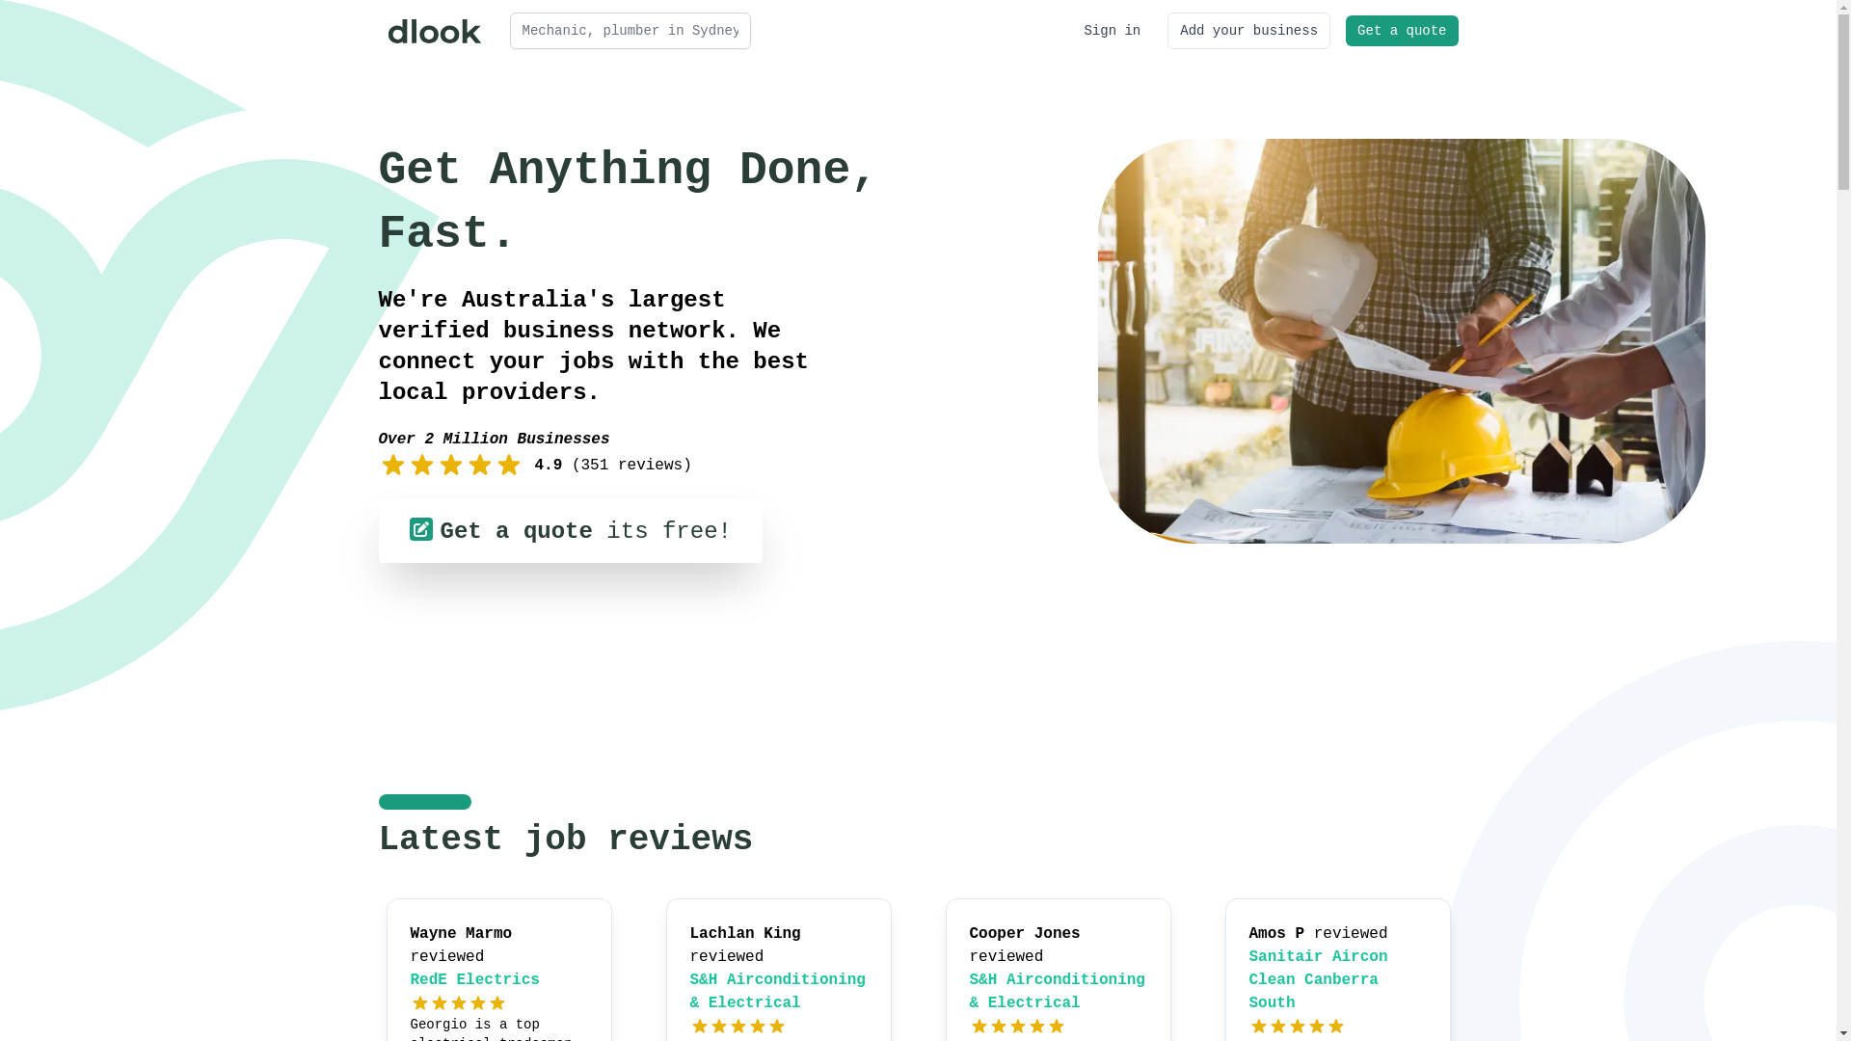 The image size is (1851, 1041). Describe the element at coordinates (1402, 30) in the screenshot. I see `'Get a quote'` at that location.